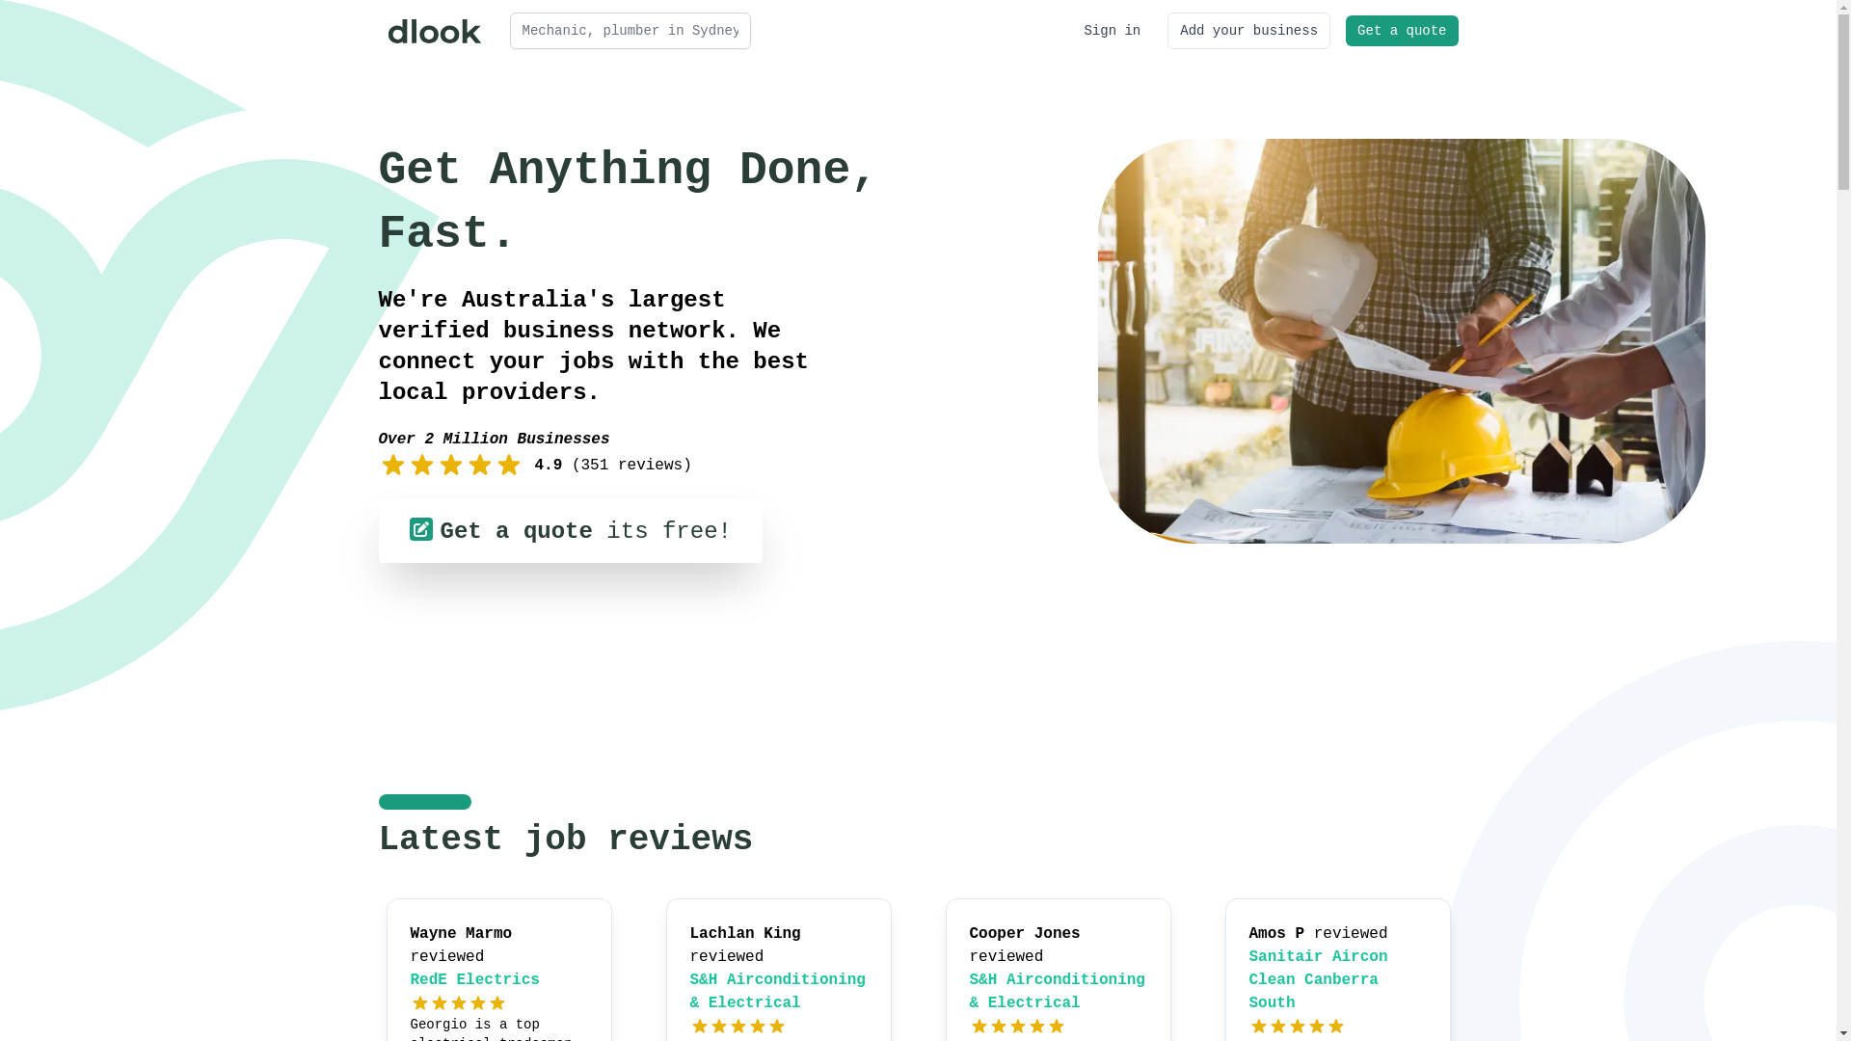 The image size is (1851, 1041). Describe the element at coordinates (1402, 30) in the screenshot. I see `'Get a quote'` at that location.